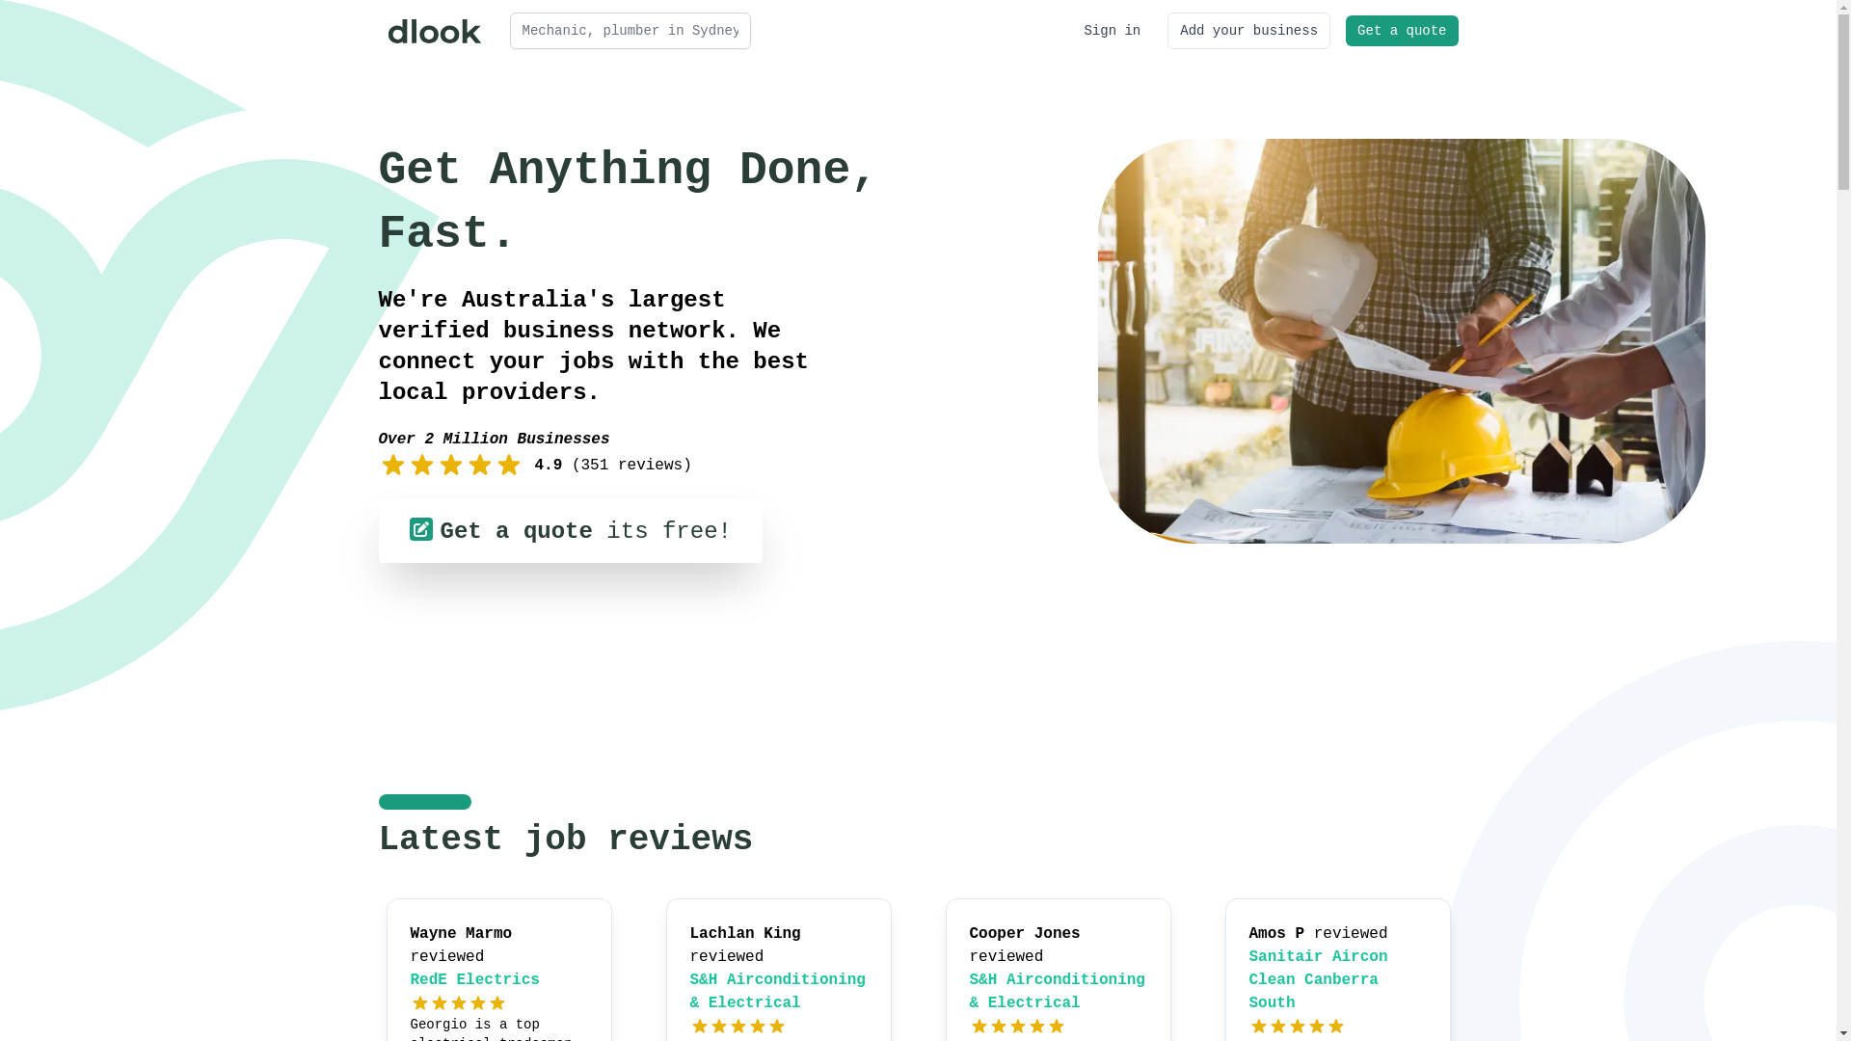 The image size is (1851, 1041). Describe the element at coordinates (1402, 30) in the screenshot. I see `'Get a quote'` at that location.